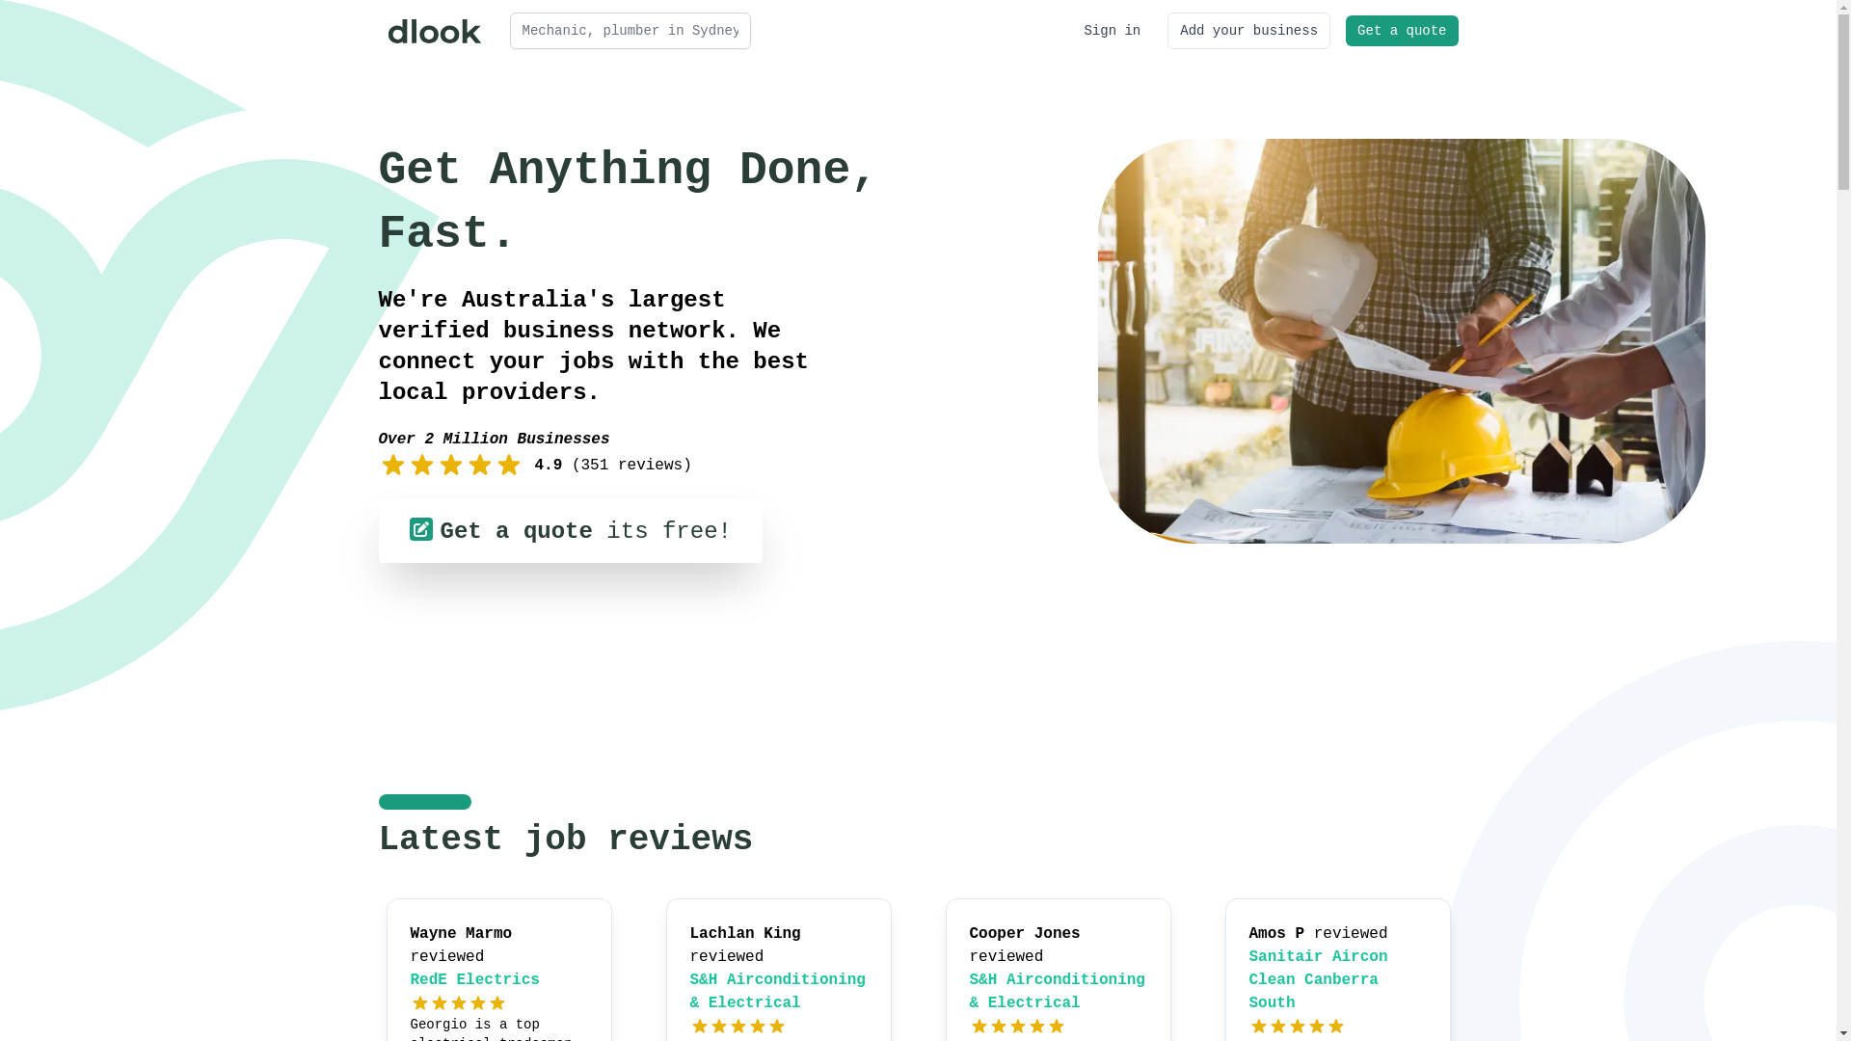 The image size is (1851, 1041). Describe the element at coordinates (1402, 30) in the screenshot. I see `'Get a quote'` at that location.